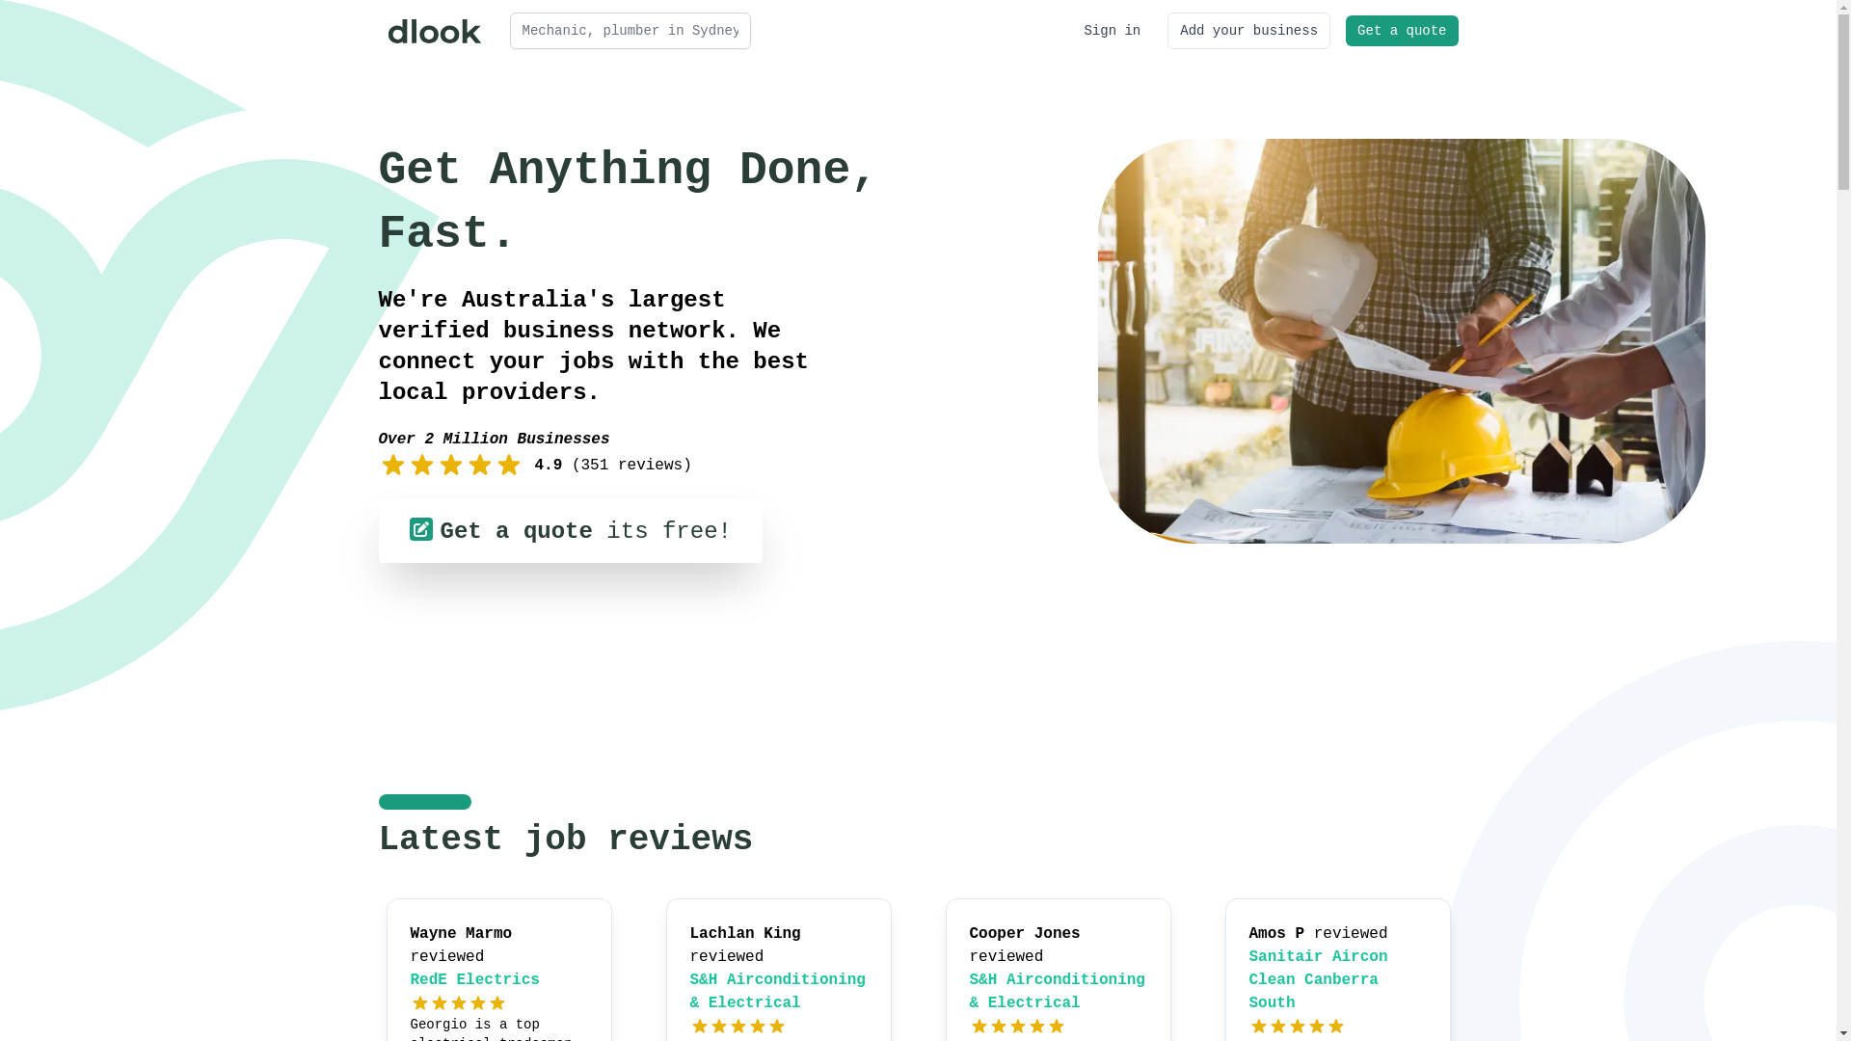 The image size is (1851, 1041). Describe the element at coordinates (1402, 30) in the screenshot. I see `'Get a quote'` at that location.